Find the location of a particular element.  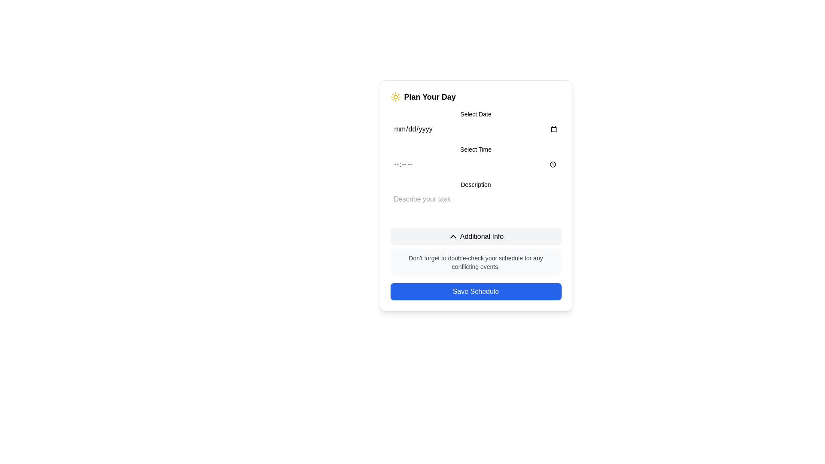

the text label displaying 'Description' that is positioned above the text input field in the 'Plan Your Day' form is located at coordinates (475, 184).